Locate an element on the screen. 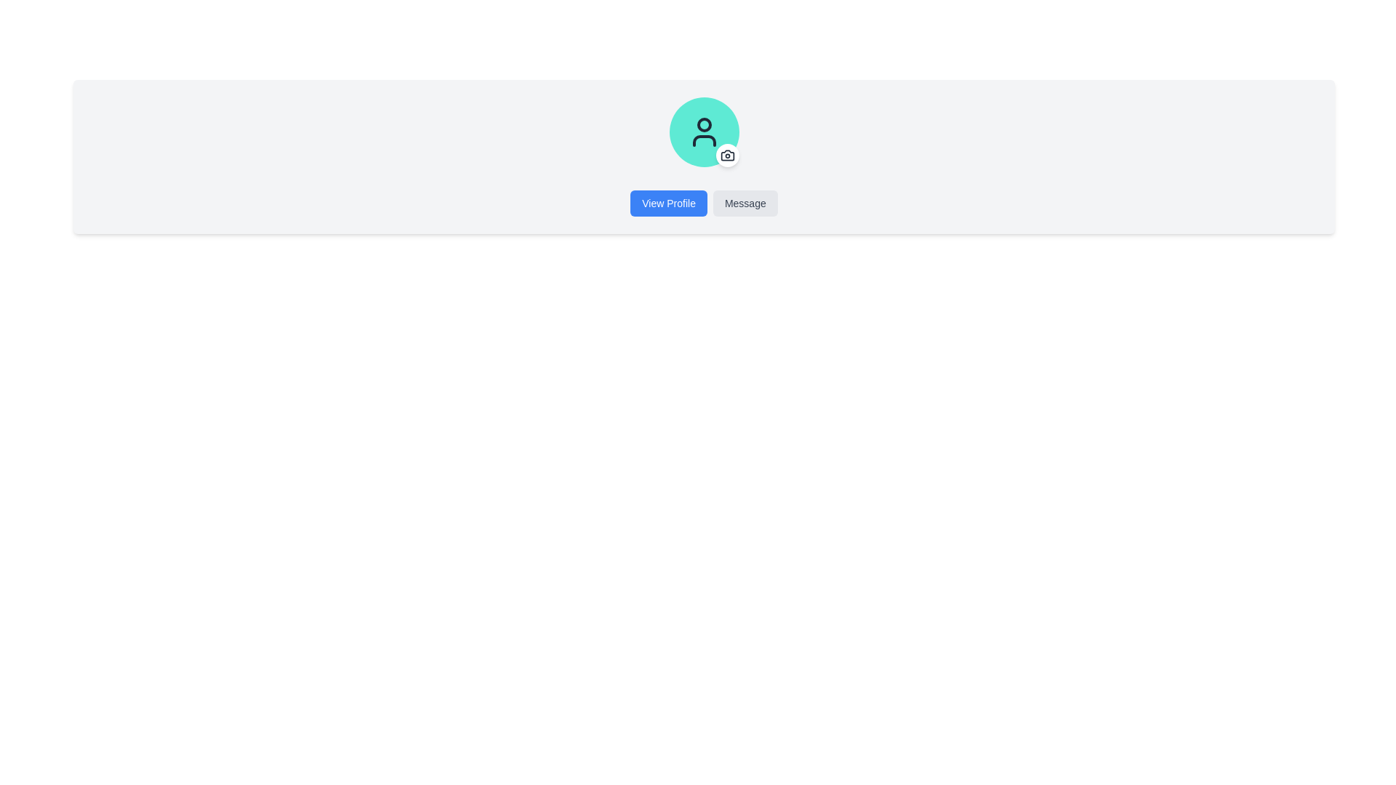  the user profile icon, which is a distinct circular element located centrally in a teal area is located at coordinates (704, 132).